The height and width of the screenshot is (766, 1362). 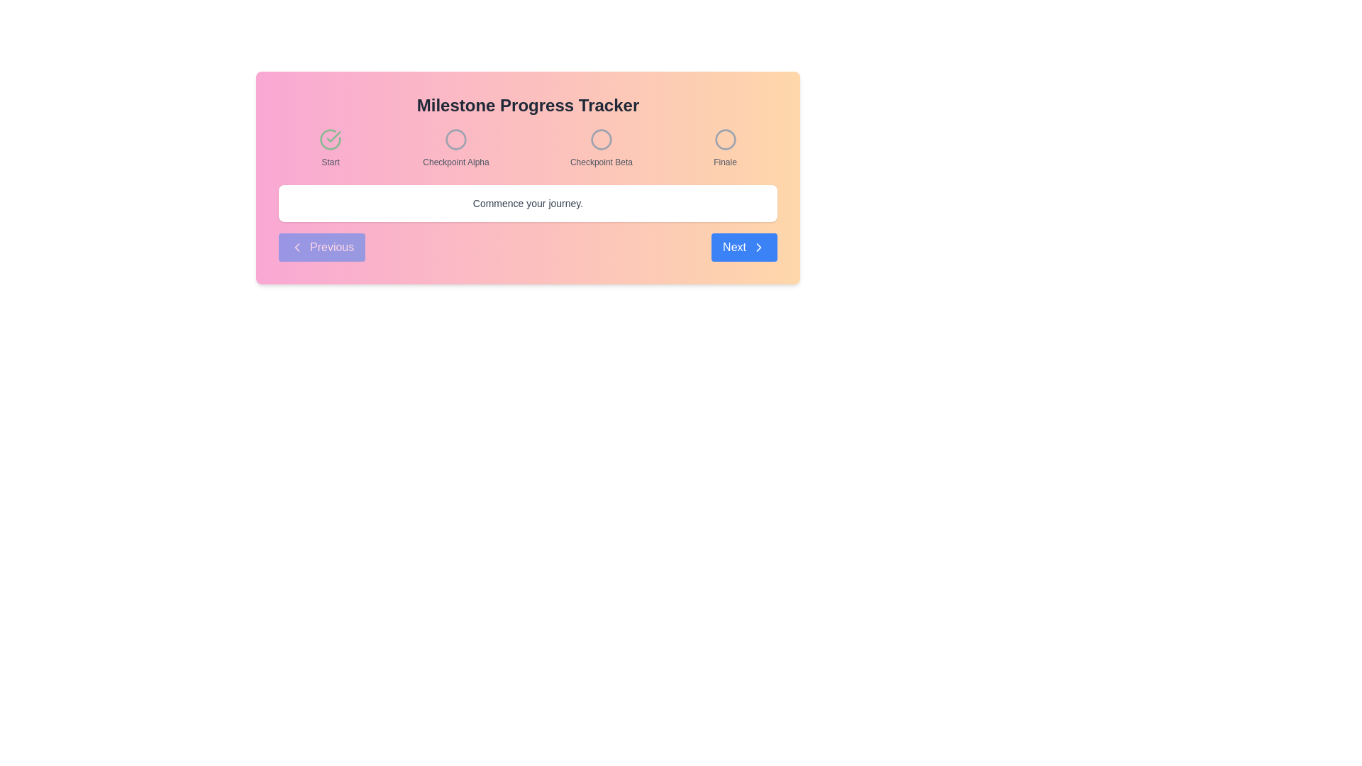 I want to click on the small gray text label 'Start' located below the green checkmark icon in the 'Milestone Progress Tracker' interface, so click(x=330, y=161).